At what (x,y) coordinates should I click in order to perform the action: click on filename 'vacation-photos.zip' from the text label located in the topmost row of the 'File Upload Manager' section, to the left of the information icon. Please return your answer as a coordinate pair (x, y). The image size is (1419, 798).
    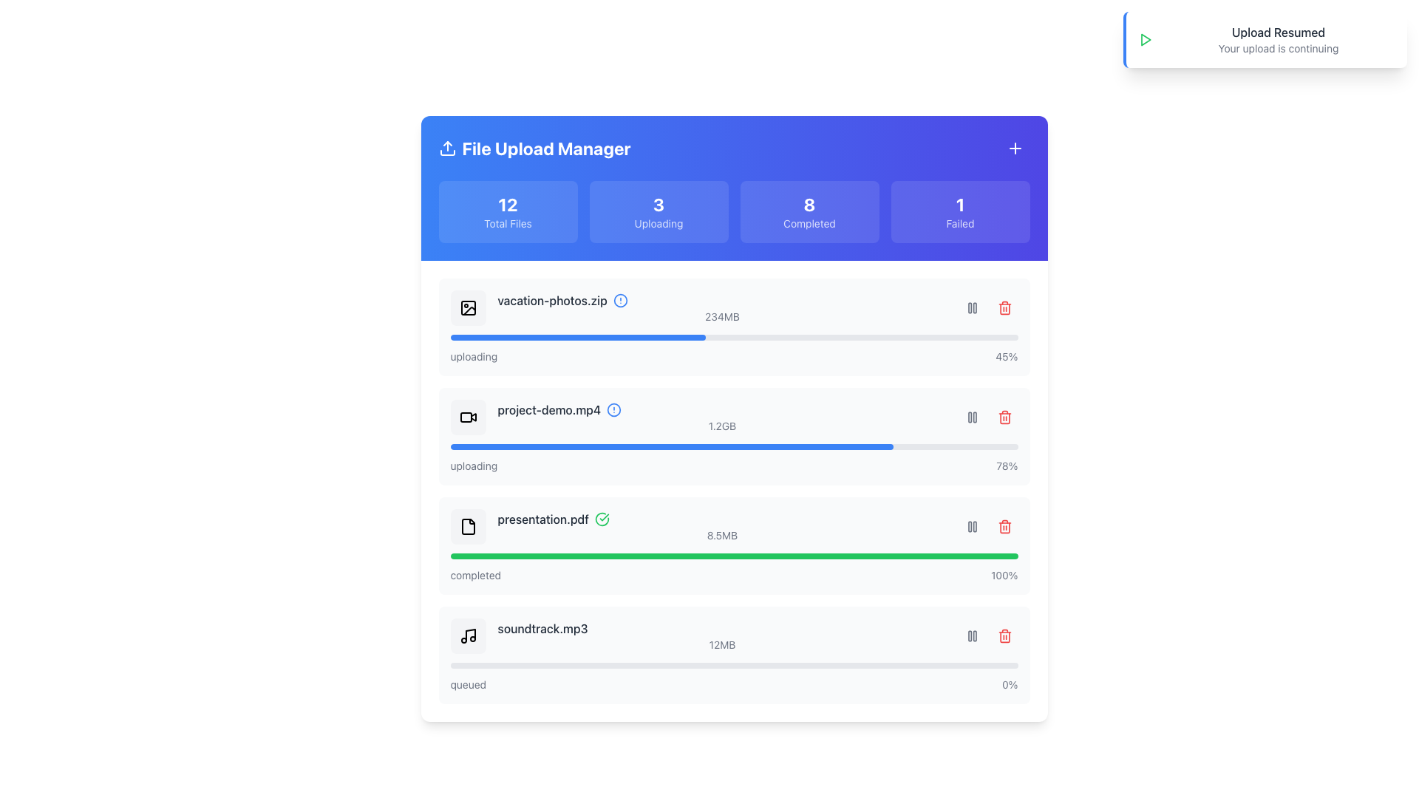
    Looking at the image, I should click on (551, 300).